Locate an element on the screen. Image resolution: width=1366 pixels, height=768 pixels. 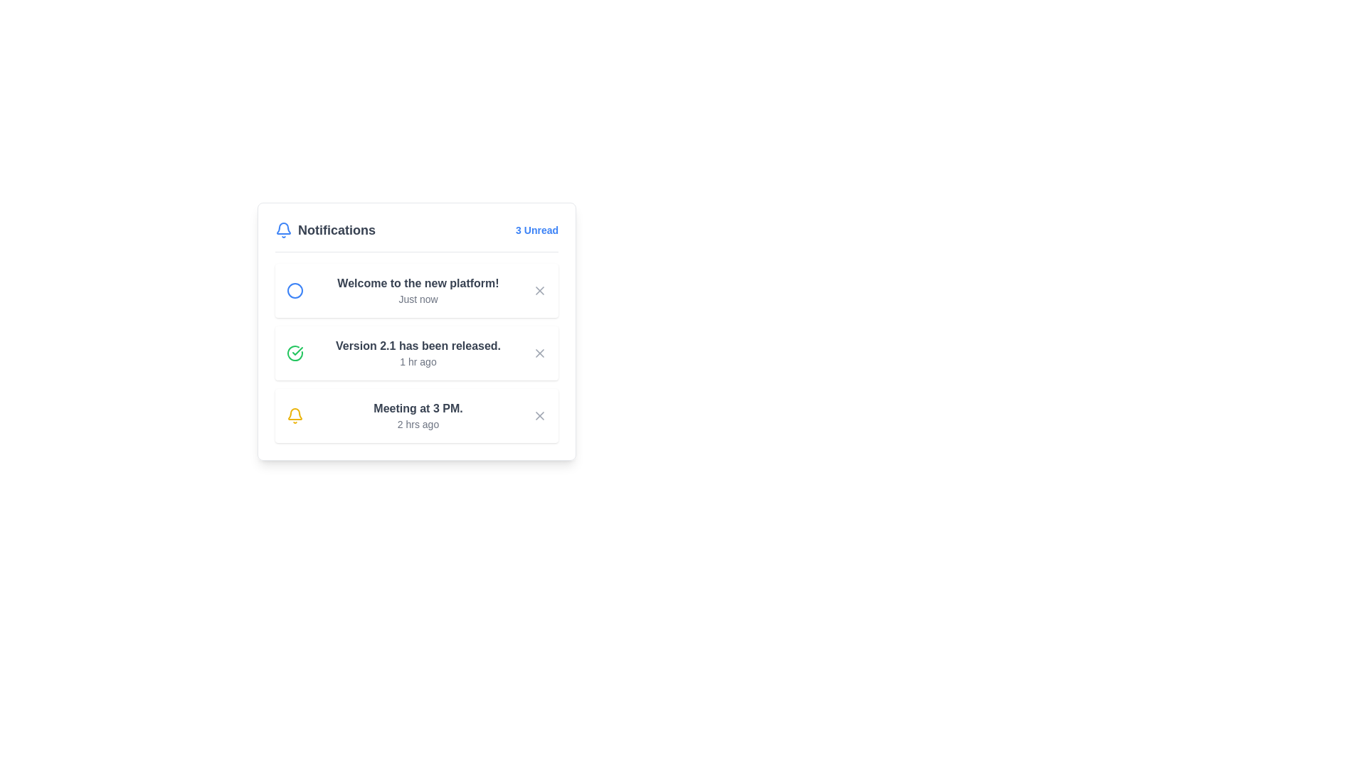
the close button located at the top-right corner of the notification card containing the text 'Welcome to the new platform!' and 'Just now' is located at coordinates (539, 289).